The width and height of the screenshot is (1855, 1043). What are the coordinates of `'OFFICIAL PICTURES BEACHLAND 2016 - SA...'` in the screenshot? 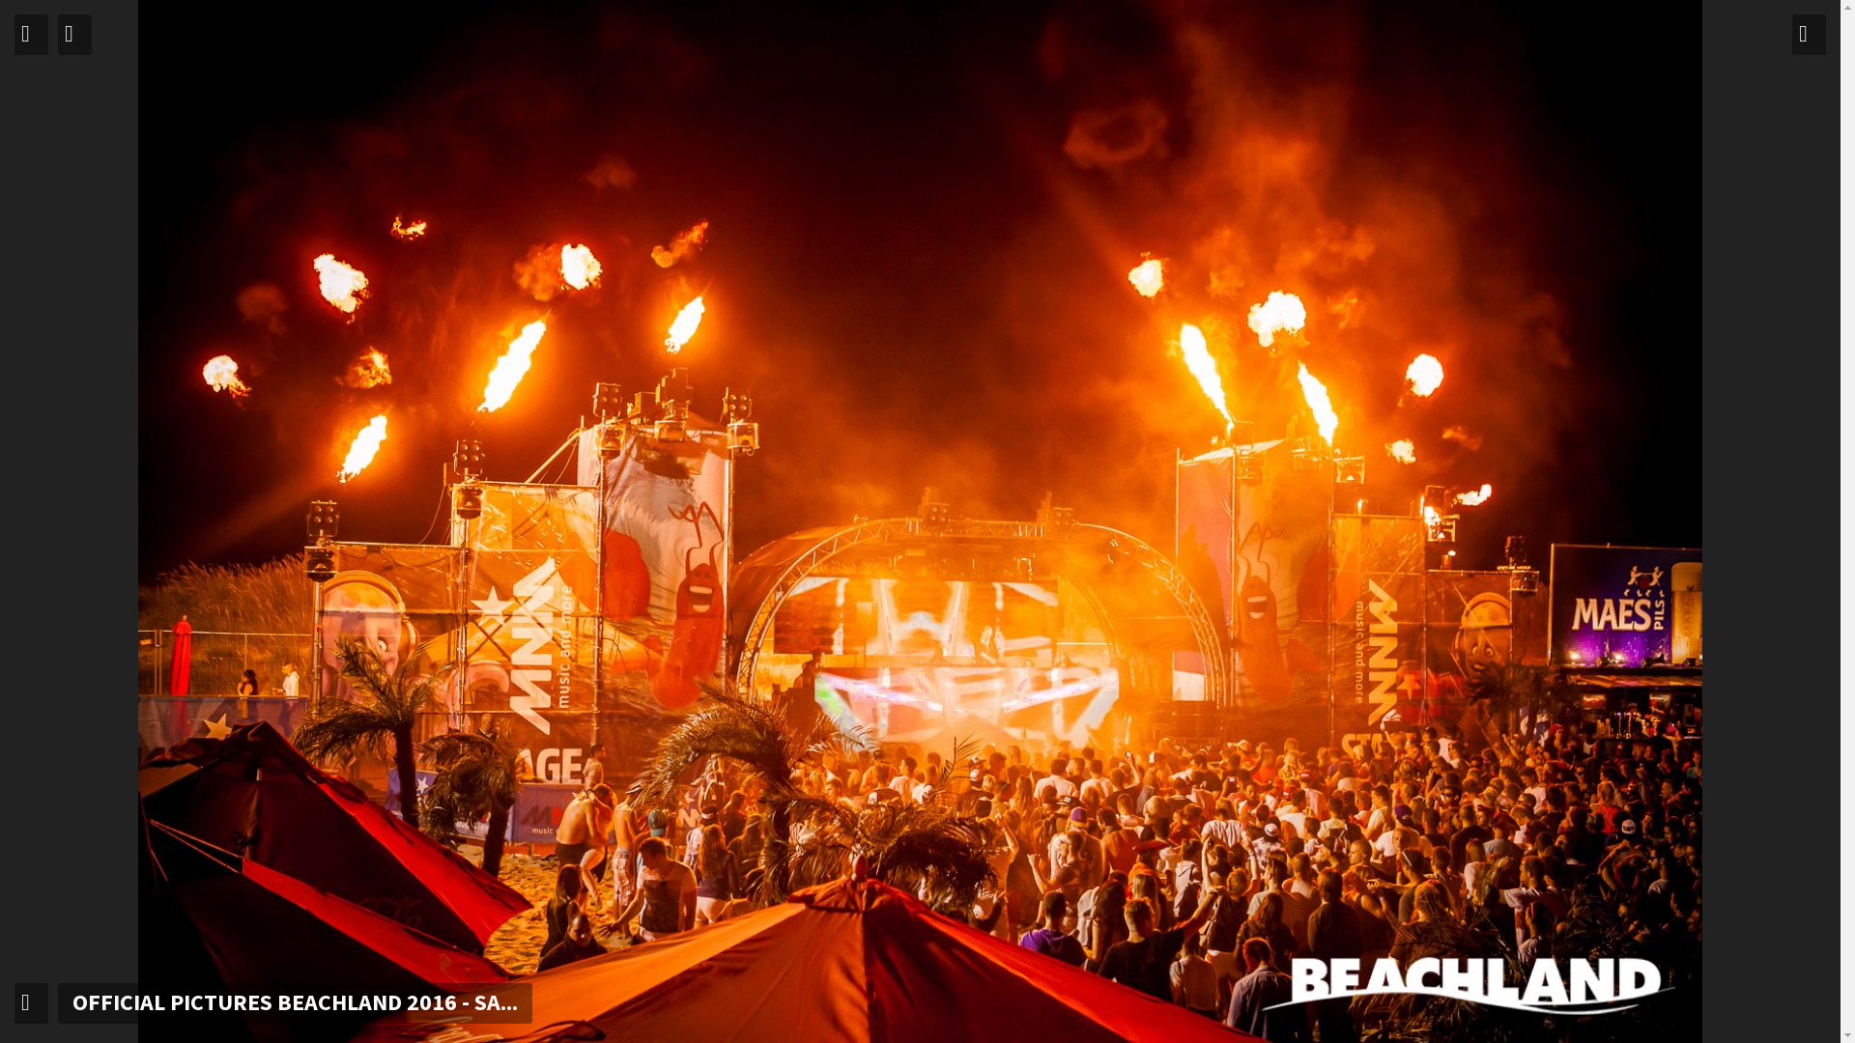 It's located at (57, 1001).